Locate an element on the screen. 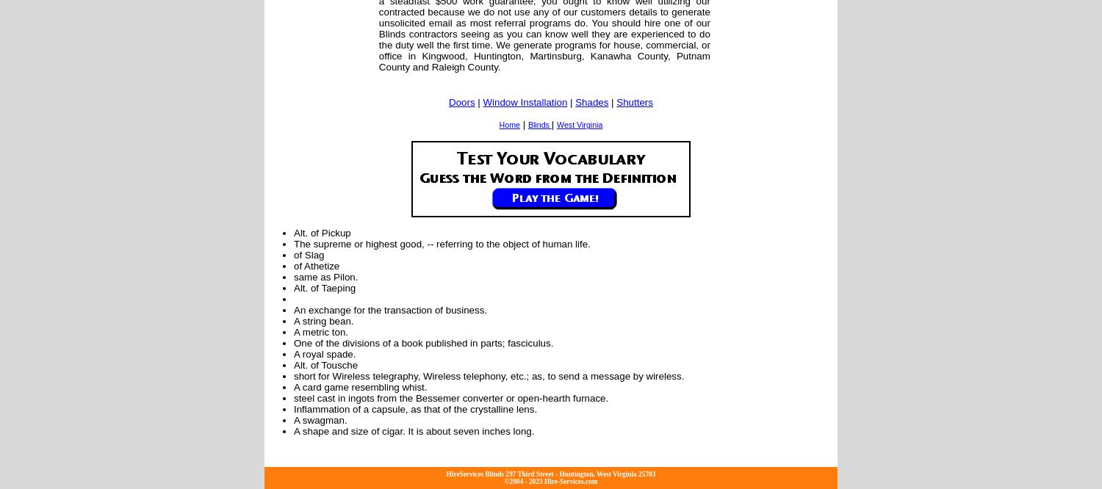 The width and height of the screenshot is (1102, 489). 'Home' is located at coordinates (508, 124).